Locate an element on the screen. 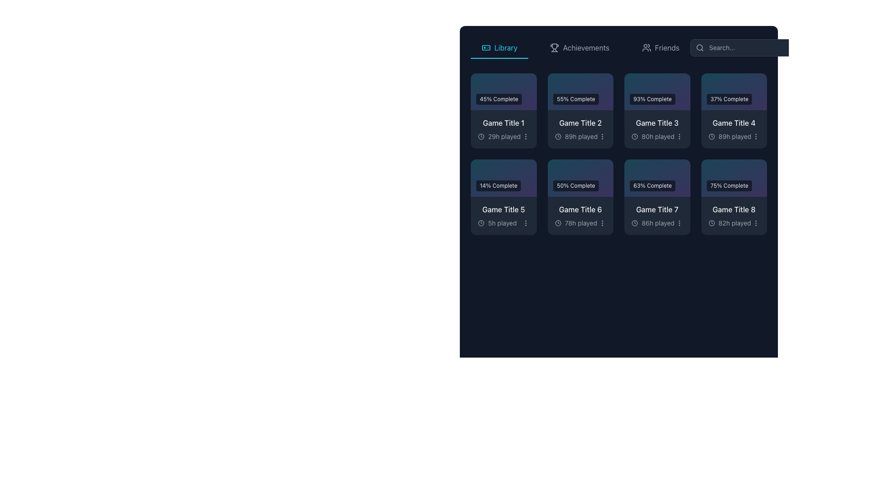 The width and height of the screenshot is (875, 492). the SVG clock icon located at the start of the '29h played' label within the 'Game Title 1' card is located at coordinates (481, 137).